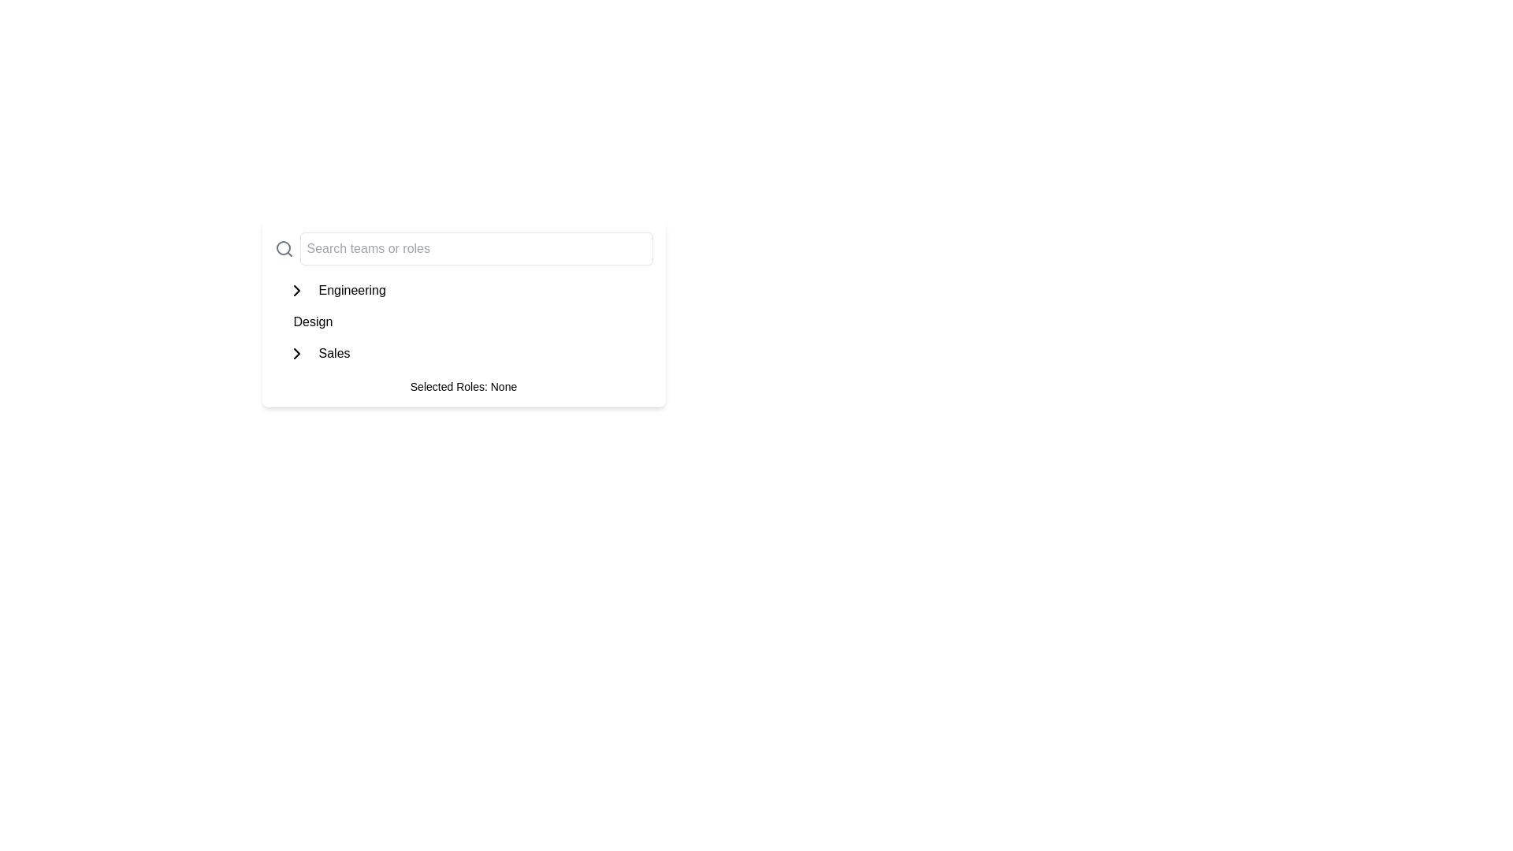 This screenshot has height=851, width=1513. What do you see at coordinates (463, 291) in the screenshot?
I see `the first list item labeled 'Engineering'` at bounding box center [463, 291].